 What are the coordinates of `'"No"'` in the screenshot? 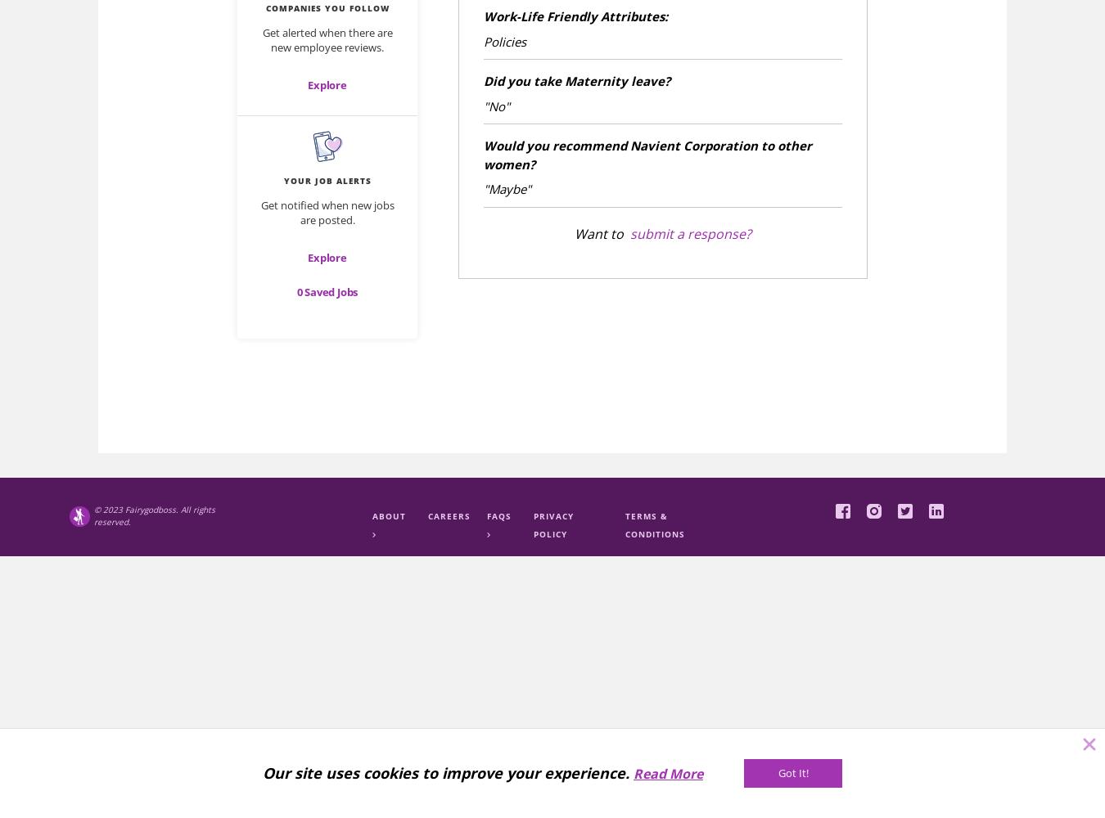 It's located at (496, 106).